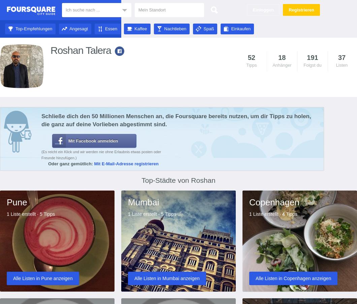  Describe the element at coordinates (175, 29) in the screenshot. I see `'Nachtleben'` at that location.